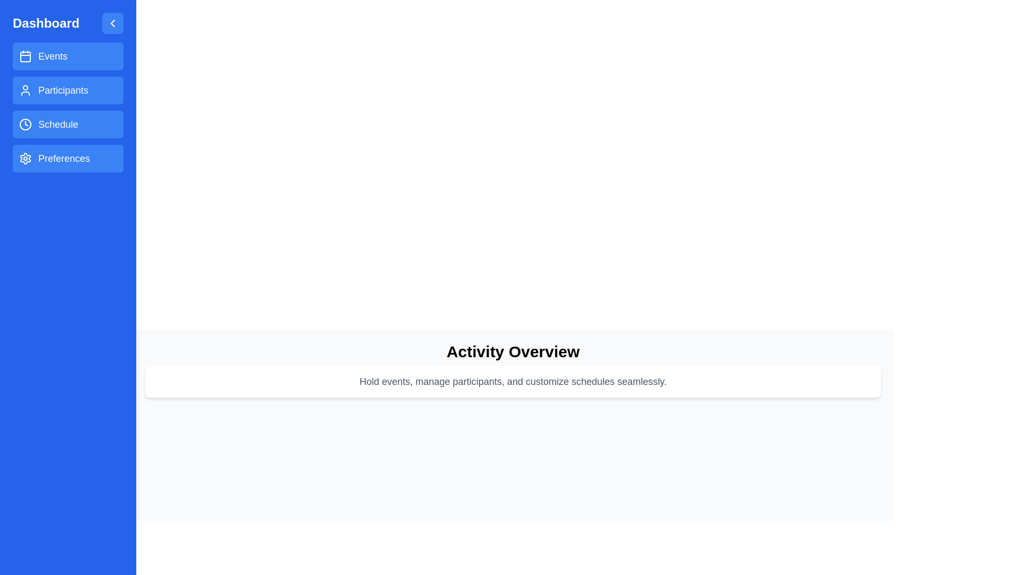  What do you see at coordinates (112, 23) in the screenshot?
I see `the toggle button to change the drawer's visibility` at bounding box center [112, 23].